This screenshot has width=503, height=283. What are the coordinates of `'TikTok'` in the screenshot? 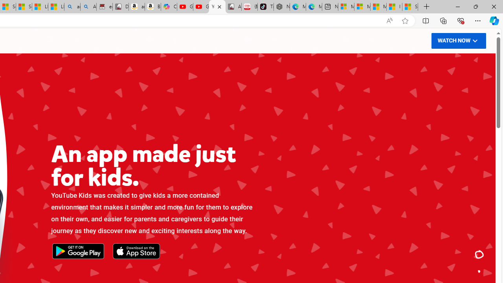 It's located at (265, 7).